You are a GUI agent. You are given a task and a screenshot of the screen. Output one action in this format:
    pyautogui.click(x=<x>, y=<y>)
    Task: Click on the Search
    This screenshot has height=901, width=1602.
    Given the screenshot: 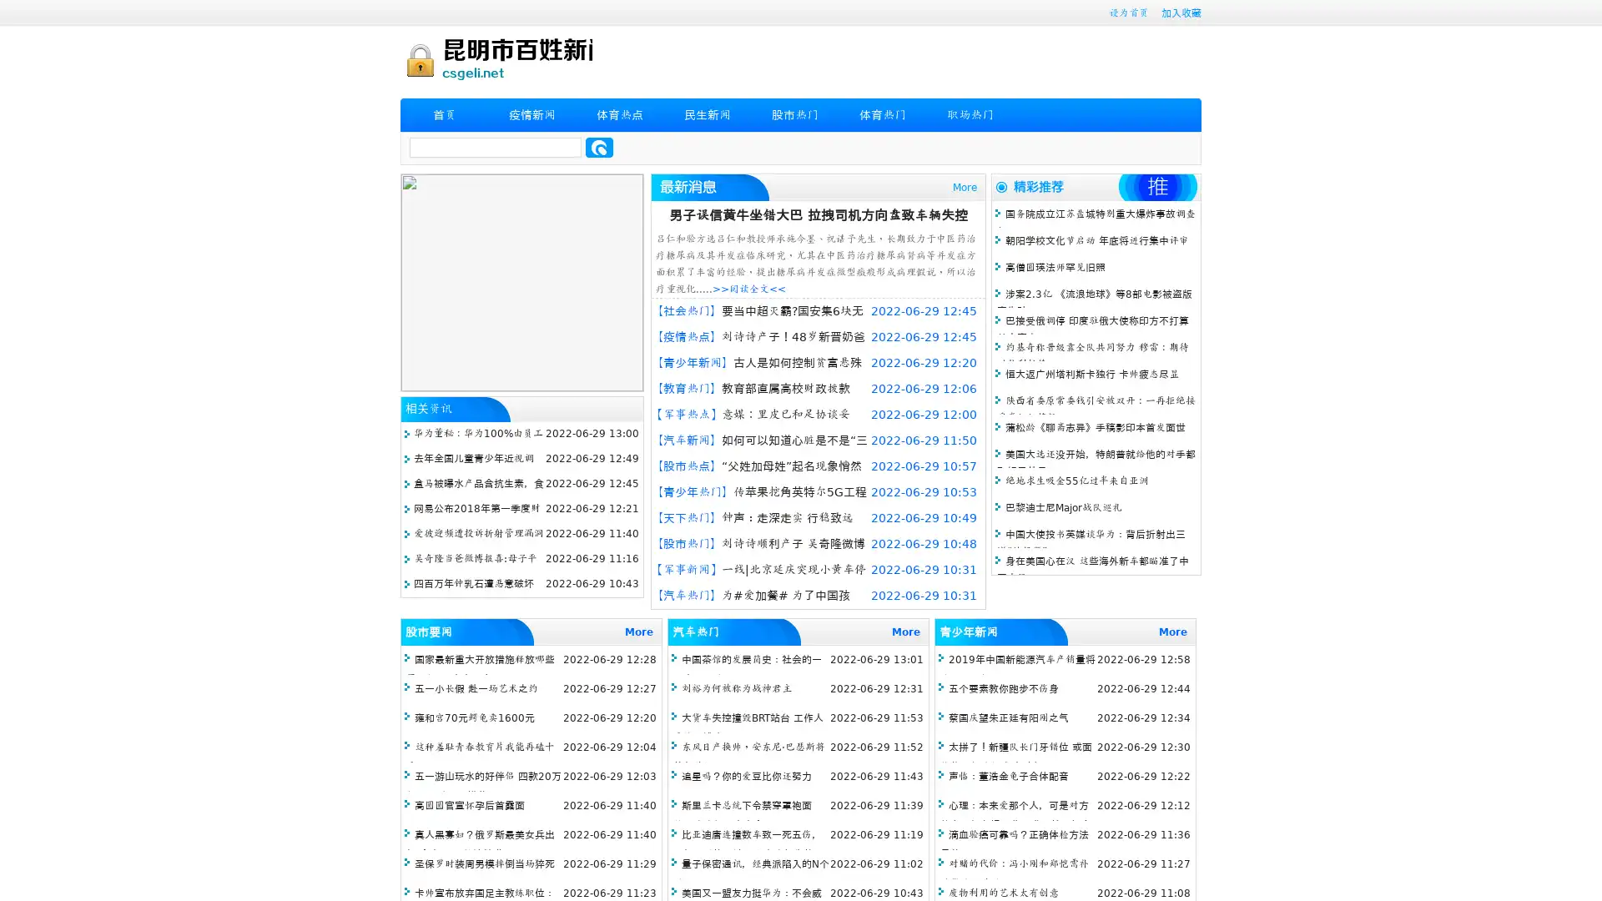 What is the action you would take?
    pyautogui.click(x=599, y=147)
    